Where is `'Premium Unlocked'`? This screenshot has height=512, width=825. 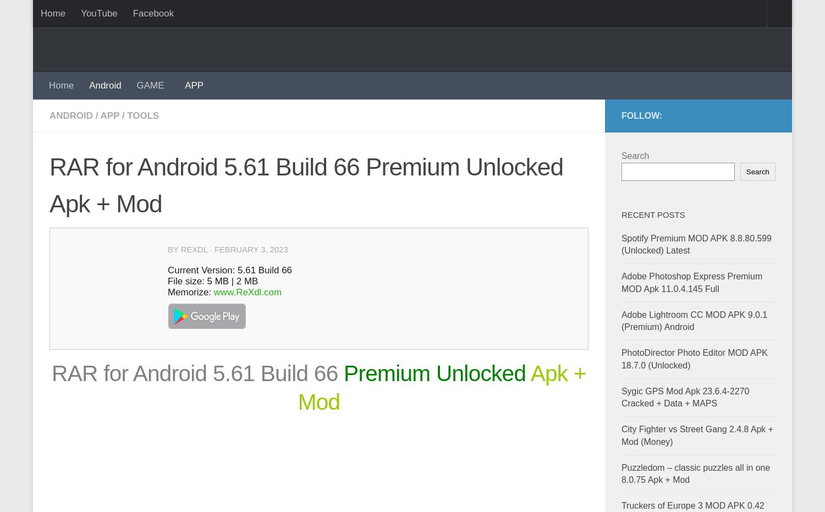 'Premium Unlocked' is located at coordinates (437, 372).